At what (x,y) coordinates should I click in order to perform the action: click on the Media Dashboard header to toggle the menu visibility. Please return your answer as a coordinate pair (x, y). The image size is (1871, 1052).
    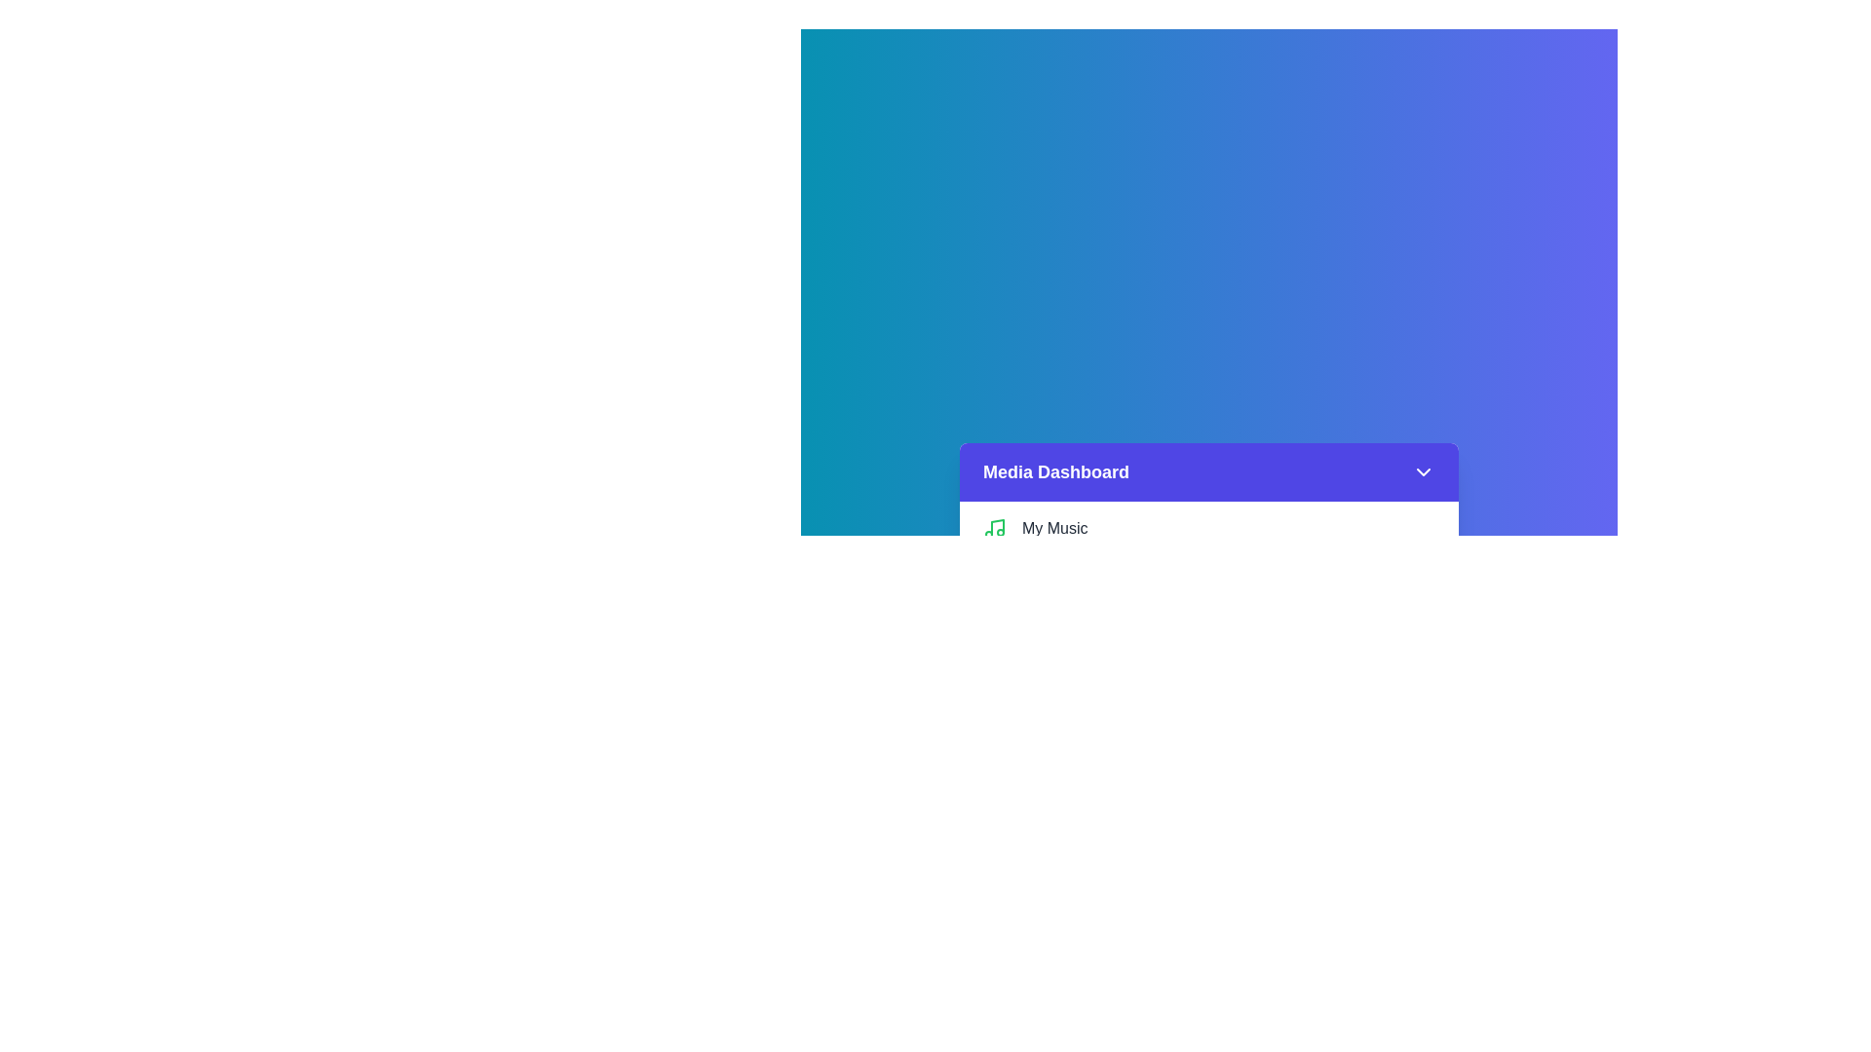
    Looking at the image, I should click on (1208, 472).